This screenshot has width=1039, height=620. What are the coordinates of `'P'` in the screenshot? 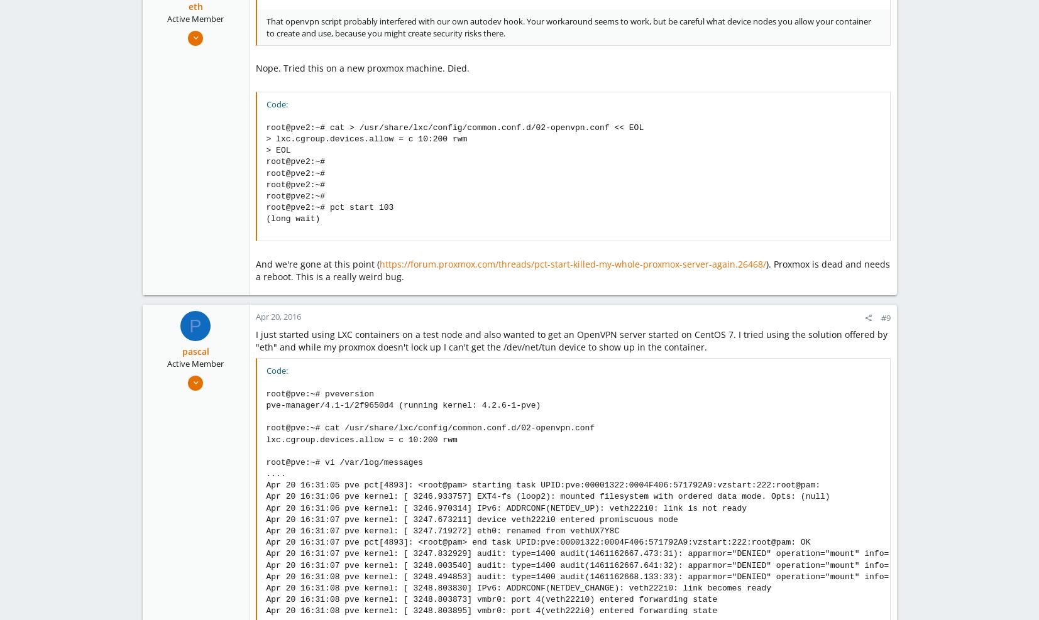 It's located at (194, 325).